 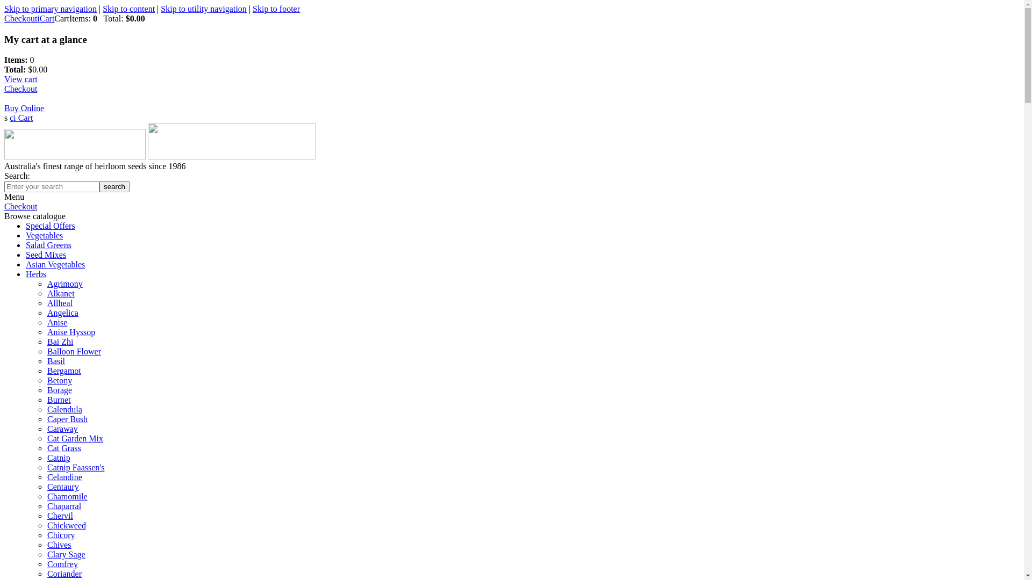 I want to click on 'Allheal', so click(x=59, y=303).